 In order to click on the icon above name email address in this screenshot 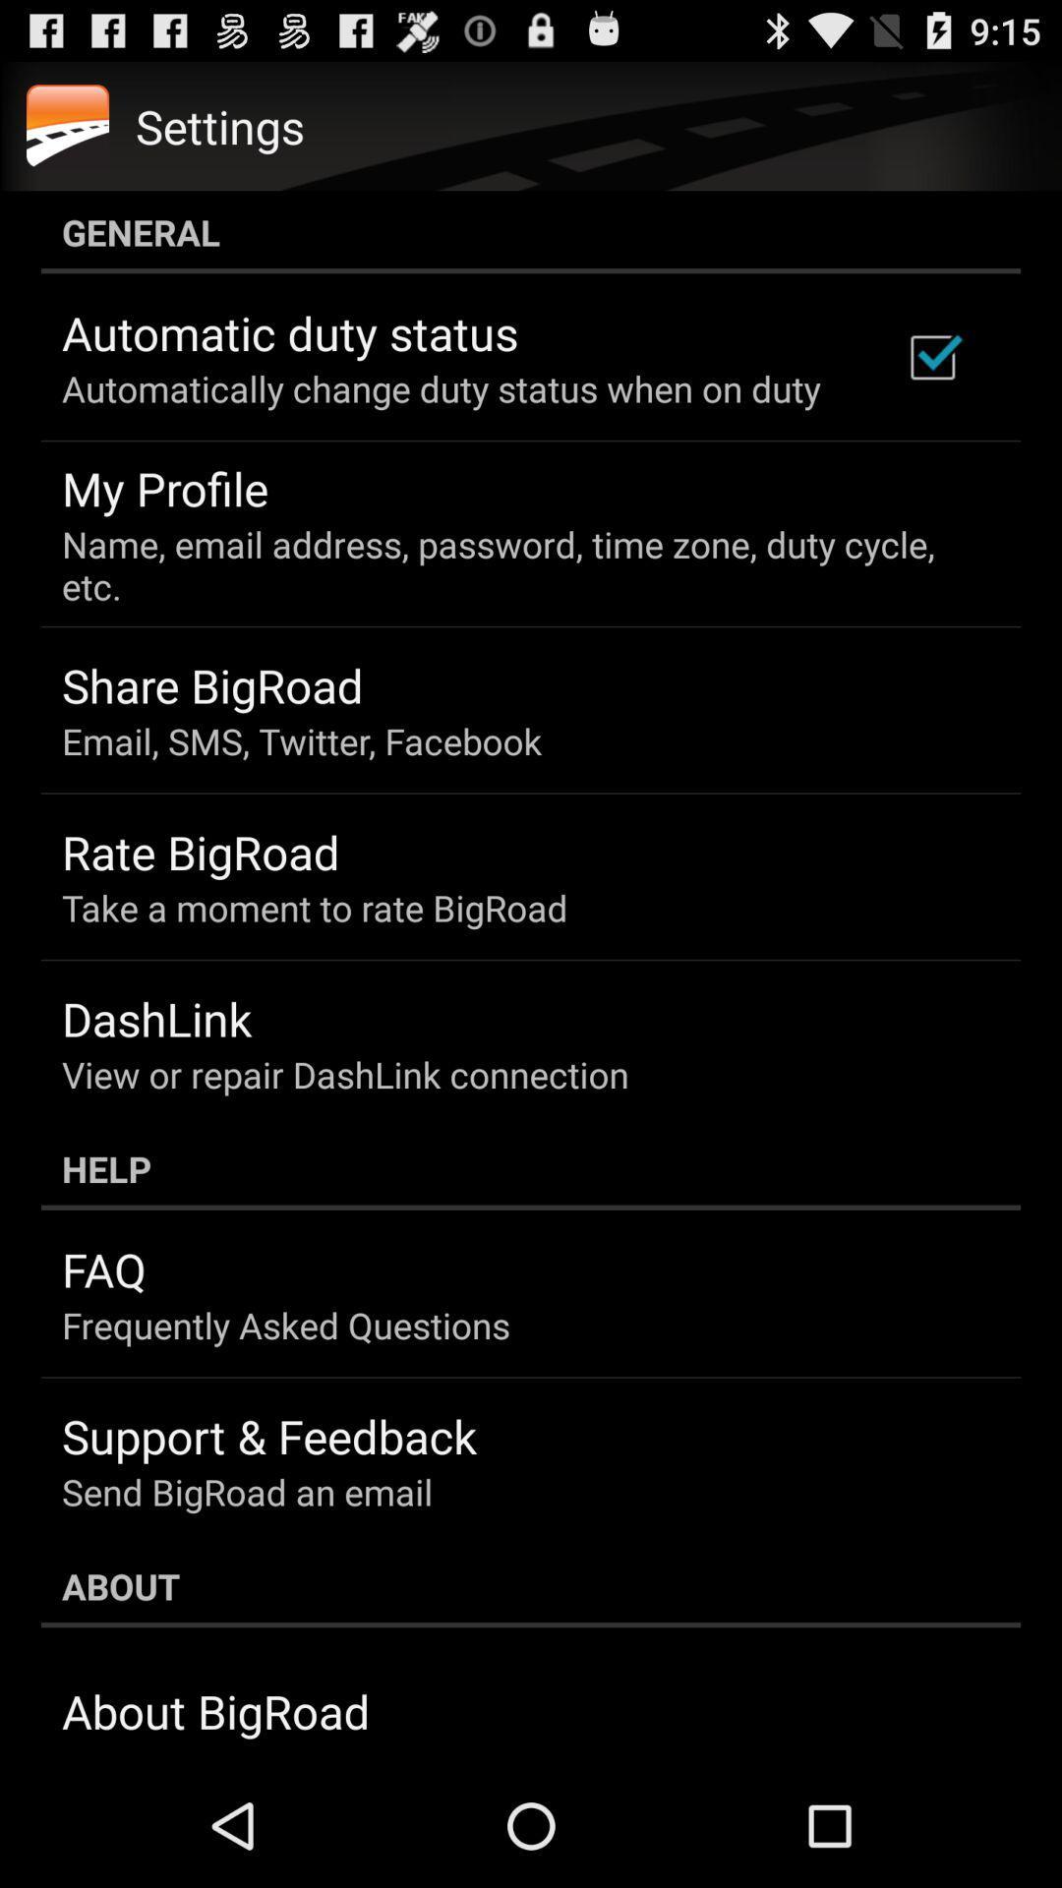, I will do `click(931, 357)`.